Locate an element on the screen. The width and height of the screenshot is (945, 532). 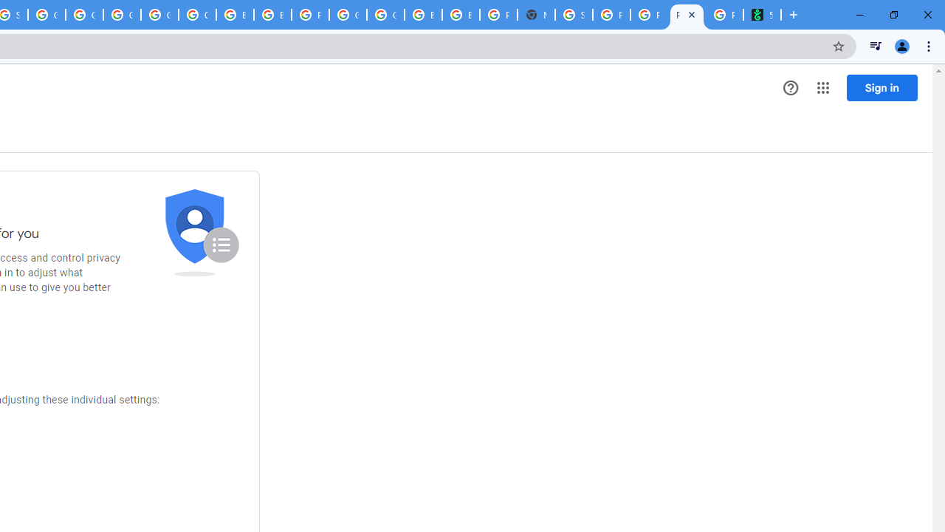
'Browse Chrome as a guest - Computer - Google Chrome Help' is located at coordinates (272, 15).